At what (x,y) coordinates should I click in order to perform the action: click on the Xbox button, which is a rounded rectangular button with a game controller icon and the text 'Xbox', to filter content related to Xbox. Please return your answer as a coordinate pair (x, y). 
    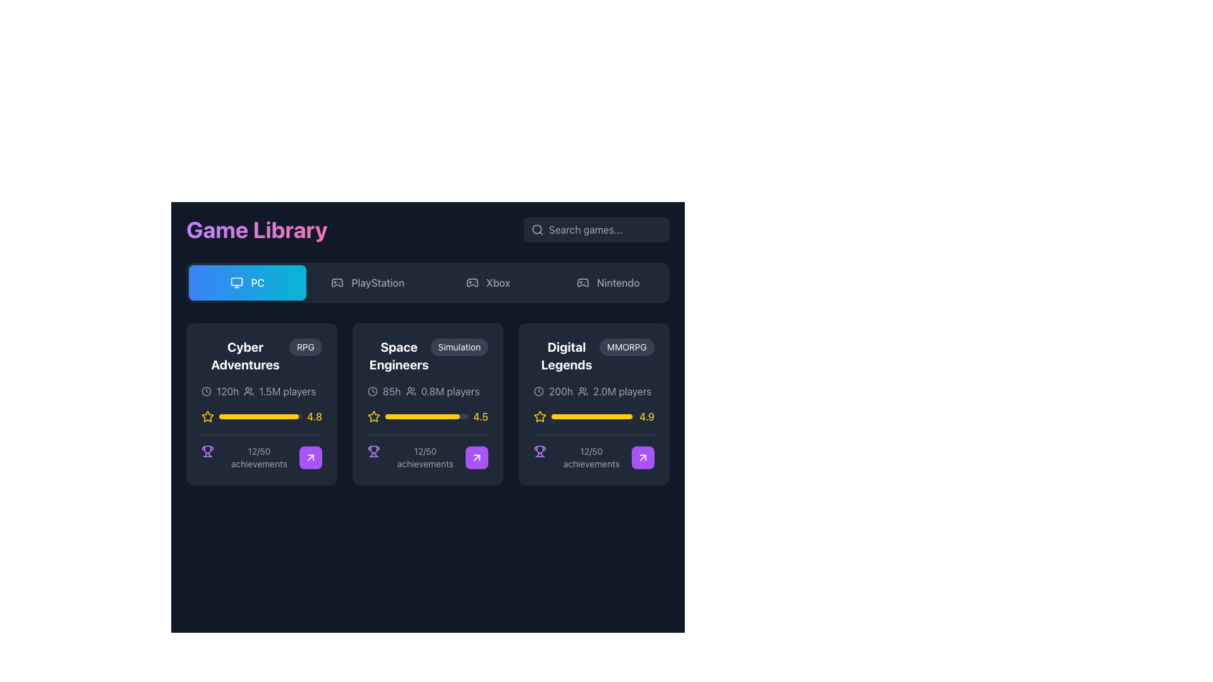
    Looking at the image, I should click on (487, 282).